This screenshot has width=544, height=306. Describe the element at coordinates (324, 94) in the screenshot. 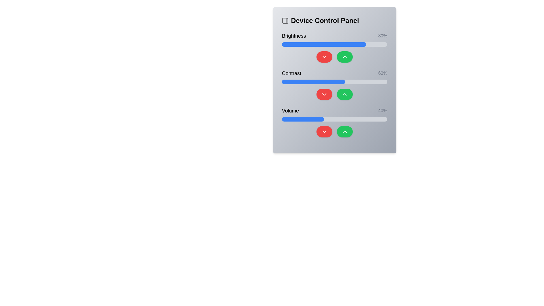

I see `the downward-facing chevron icon within the red circular button to decrease the value of the 'Contrast' control` at that location.